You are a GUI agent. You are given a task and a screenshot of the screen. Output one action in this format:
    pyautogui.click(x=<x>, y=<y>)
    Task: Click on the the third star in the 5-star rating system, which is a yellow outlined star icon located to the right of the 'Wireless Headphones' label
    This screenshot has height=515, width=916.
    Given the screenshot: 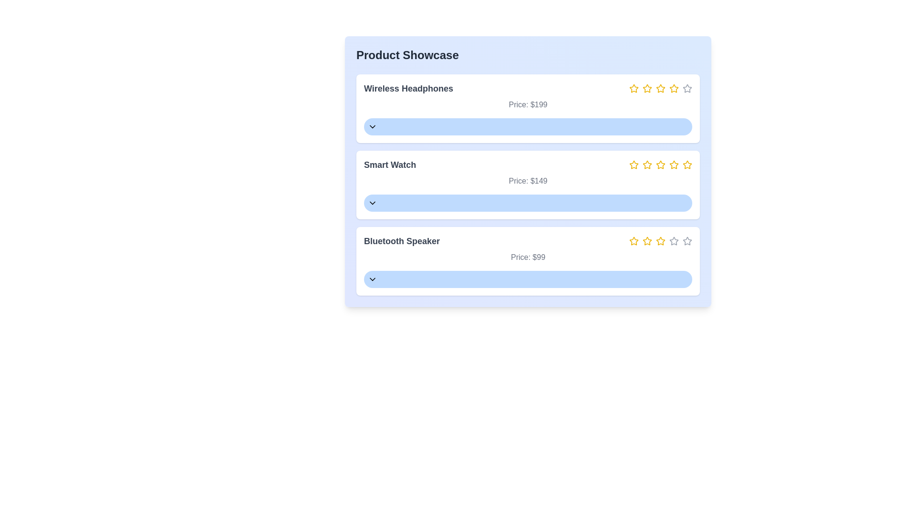 What is the action you would take?
    pyautogui.click(x=647, y=88)
    